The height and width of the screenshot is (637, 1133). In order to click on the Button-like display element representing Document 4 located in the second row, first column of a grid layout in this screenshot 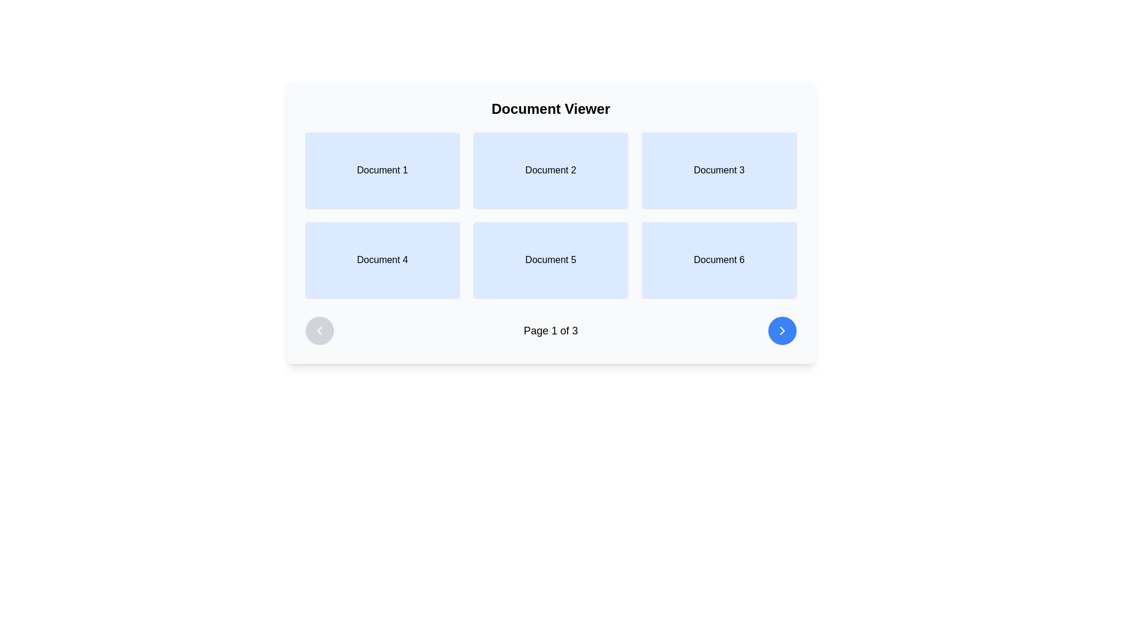, I will do `click(382, 259)`.